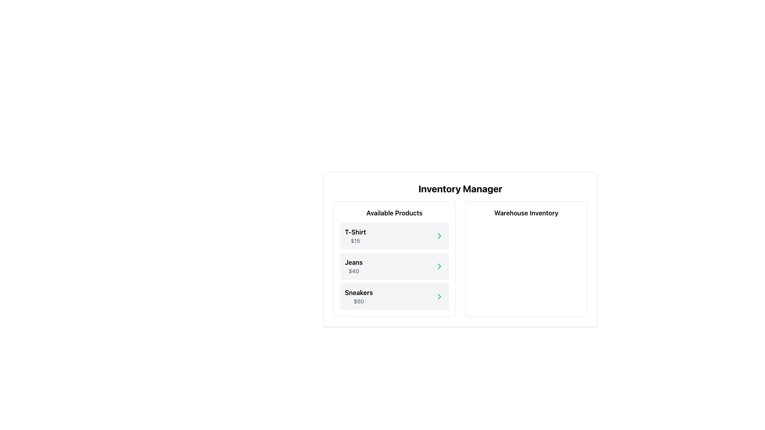 The width and height of the screenshot is (765, 430). I want to click on the 'Sneakers' product item in the 'Available Products' section, so click(394, 296).